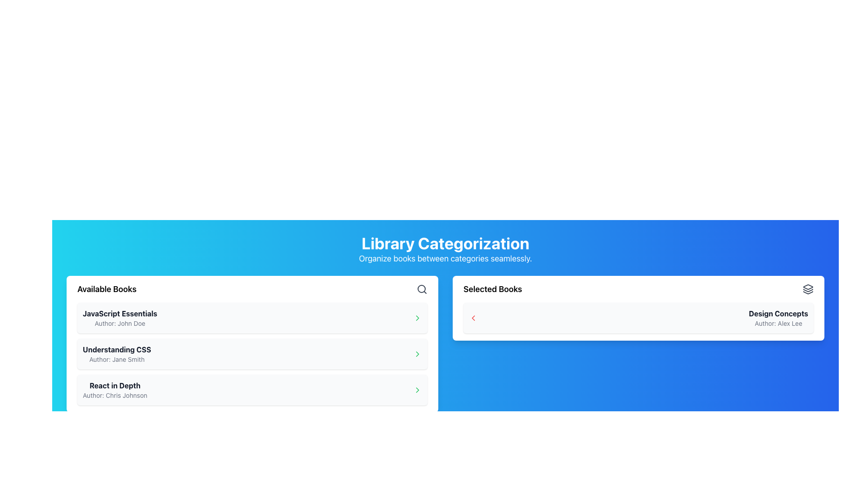  I want to click on the button located in the 'Selected Books' section to reverse a previous action or remove the associated book from the list, so click(472, 317).